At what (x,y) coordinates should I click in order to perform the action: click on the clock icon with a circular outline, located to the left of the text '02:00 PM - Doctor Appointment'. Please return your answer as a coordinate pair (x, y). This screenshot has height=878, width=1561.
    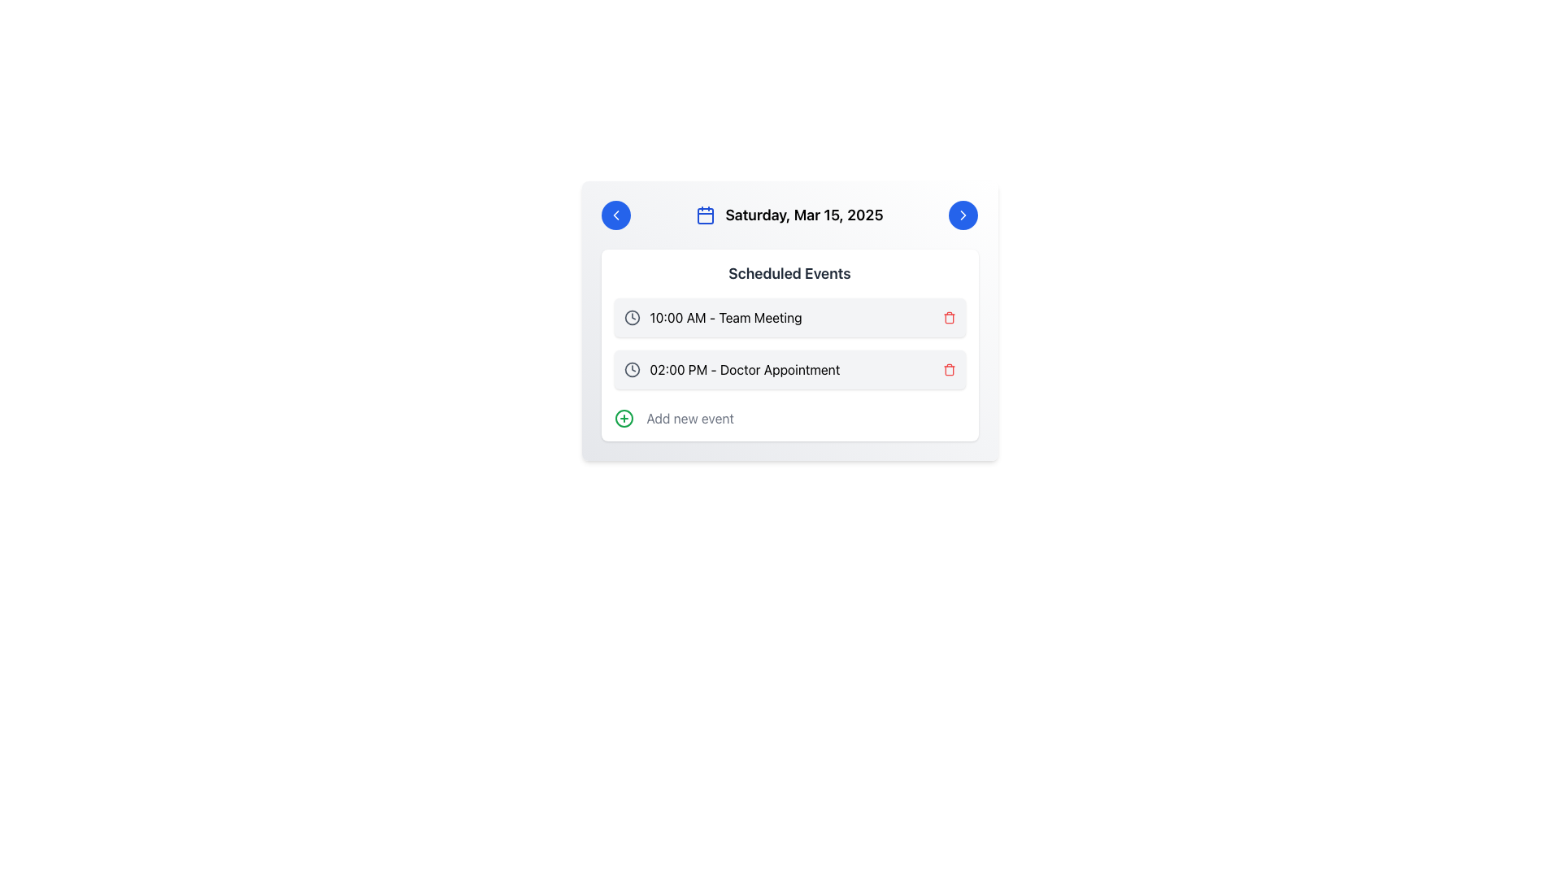
    Looking at the image, I should click on (631, 370).